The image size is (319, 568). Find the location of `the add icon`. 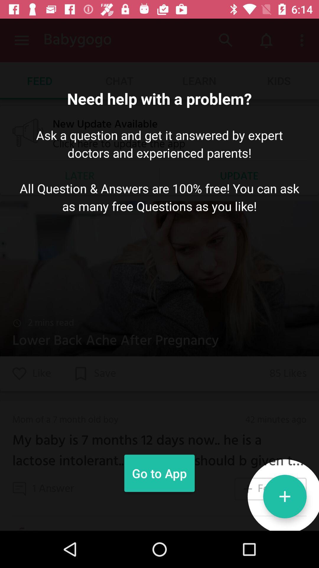

the add icon is located at coordinates (284, 496).